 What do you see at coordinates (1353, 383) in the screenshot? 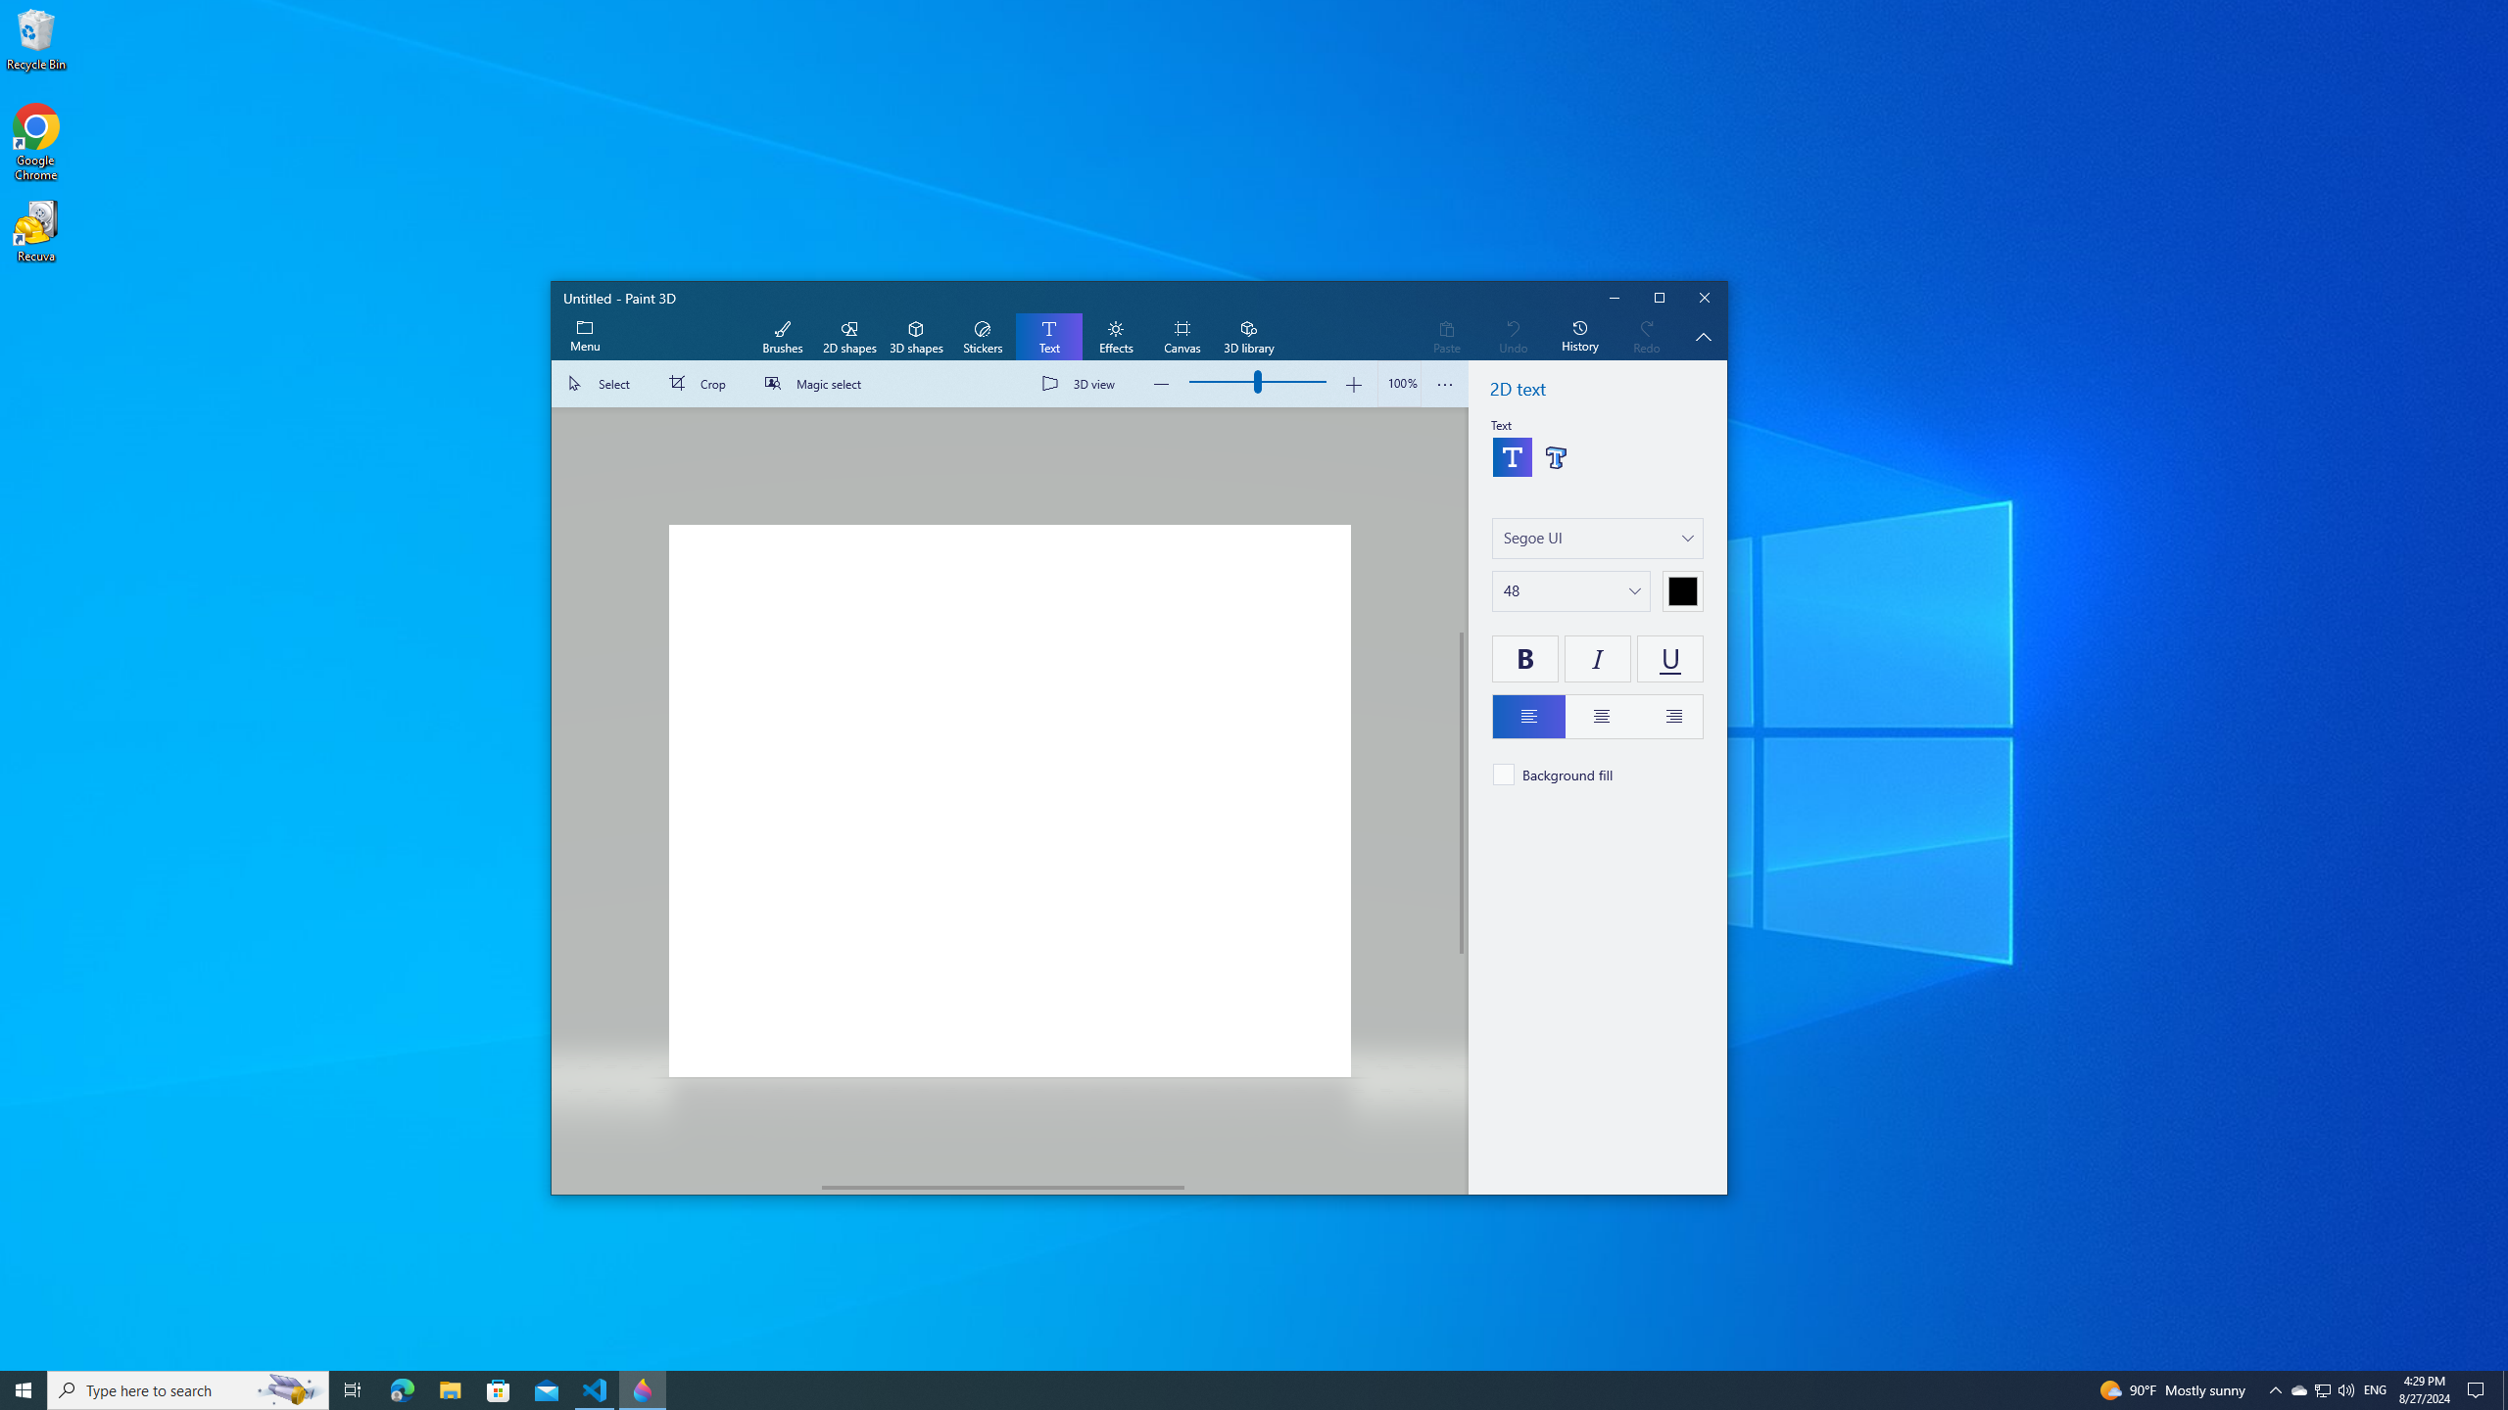
I see `'Zoom in'` at bounding box center [1353, 383].